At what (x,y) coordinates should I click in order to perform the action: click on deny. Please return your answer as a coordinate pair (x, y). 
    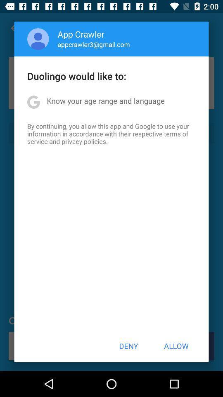
    Looking at the image, I should click on (128, 346).